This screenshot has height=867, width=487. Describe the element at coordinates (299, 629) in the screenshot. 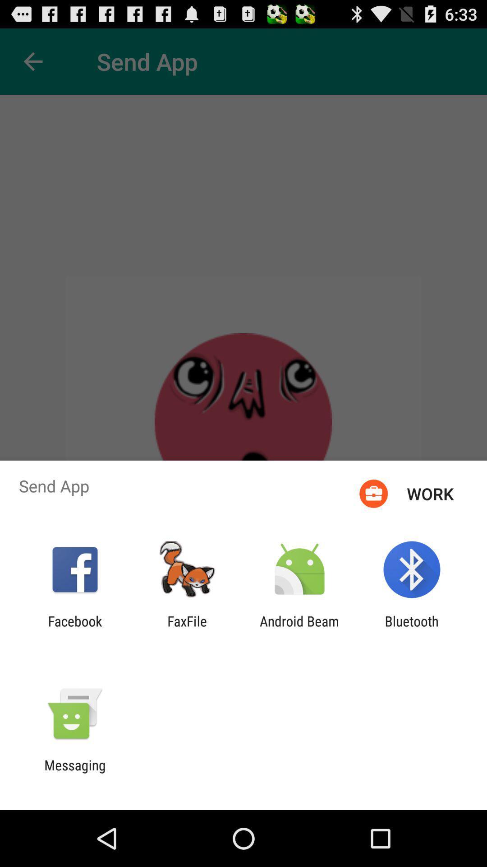

I see `icon to the right of faxfile item` at that location.